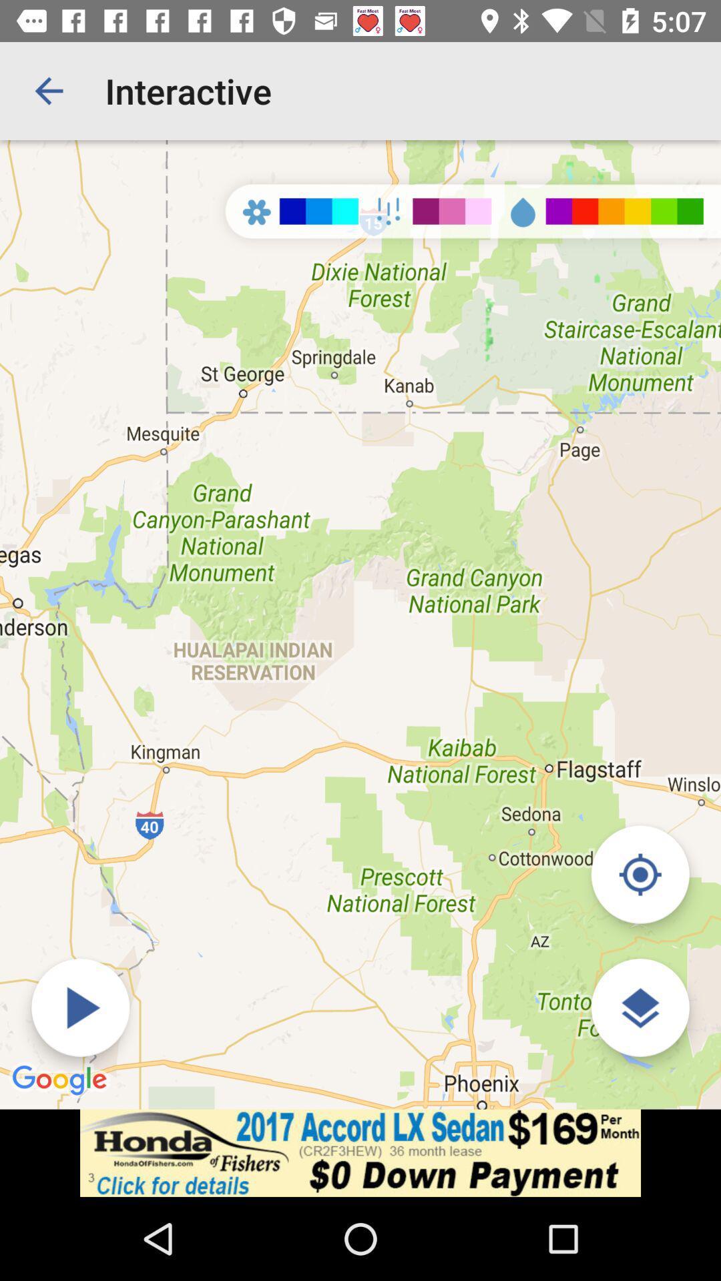 This screenshot has width=721, height=1281. I want to click on get current location, so click(640, 874).